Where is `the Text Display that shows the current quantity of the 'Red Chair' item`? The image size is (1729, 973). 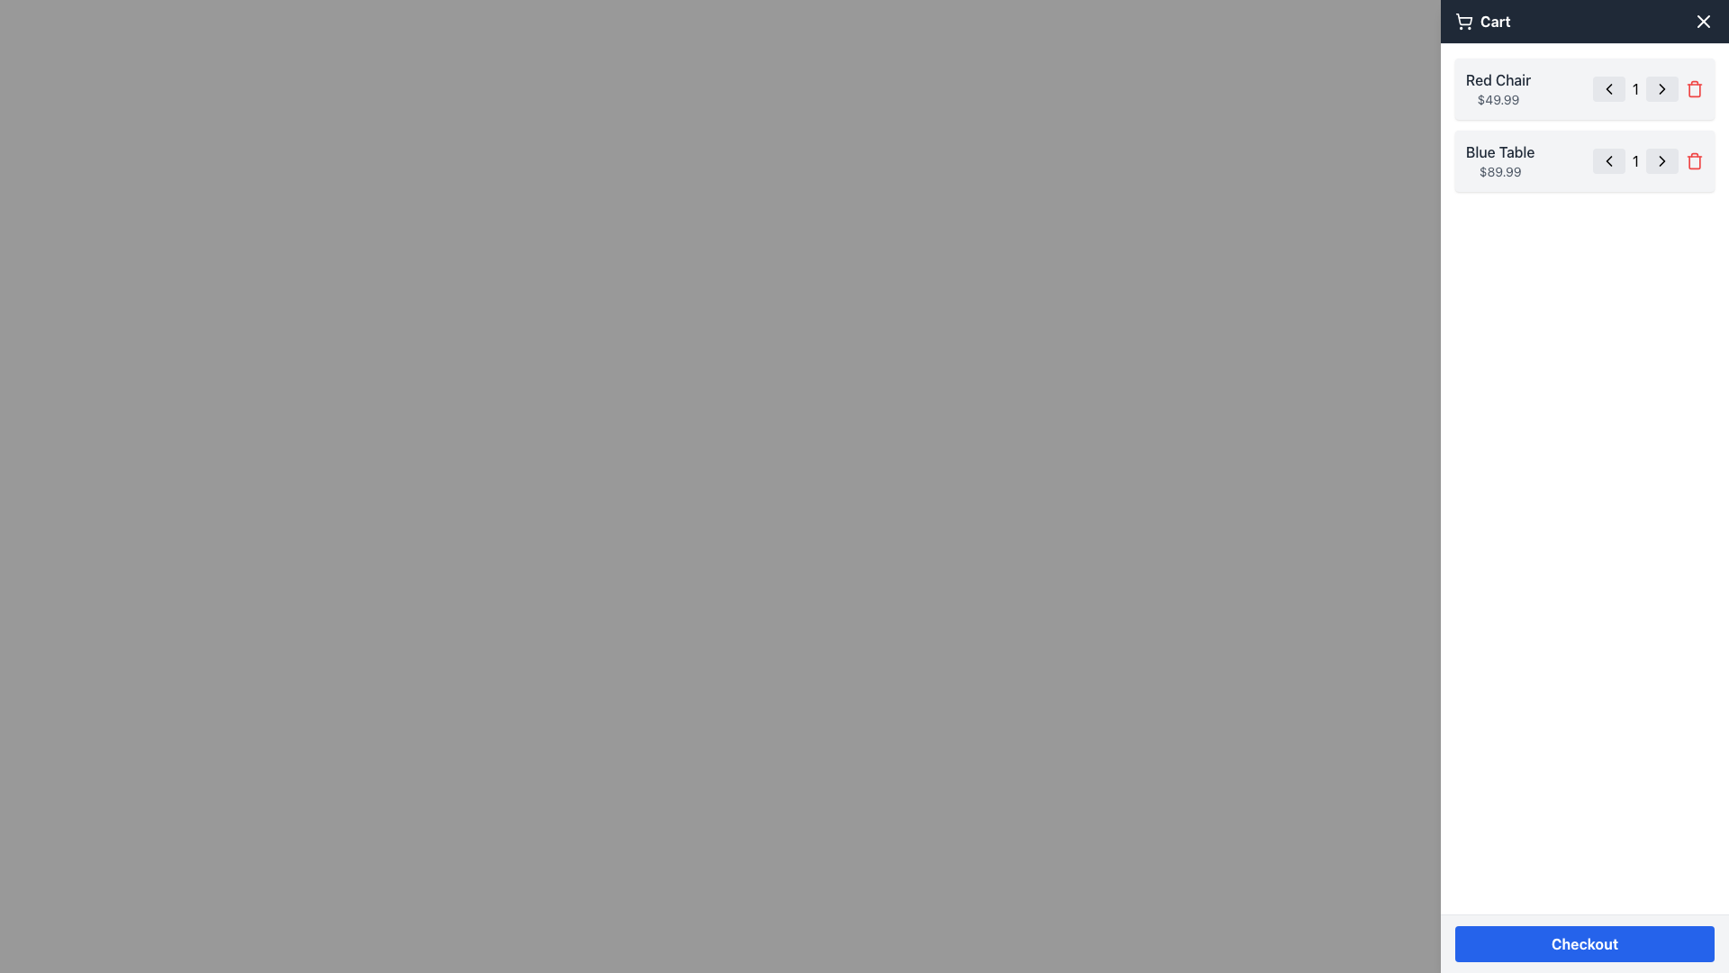 the Text Display that shows the current quantity of the 'Red Chair' item is located at coordinates (1647, 89).